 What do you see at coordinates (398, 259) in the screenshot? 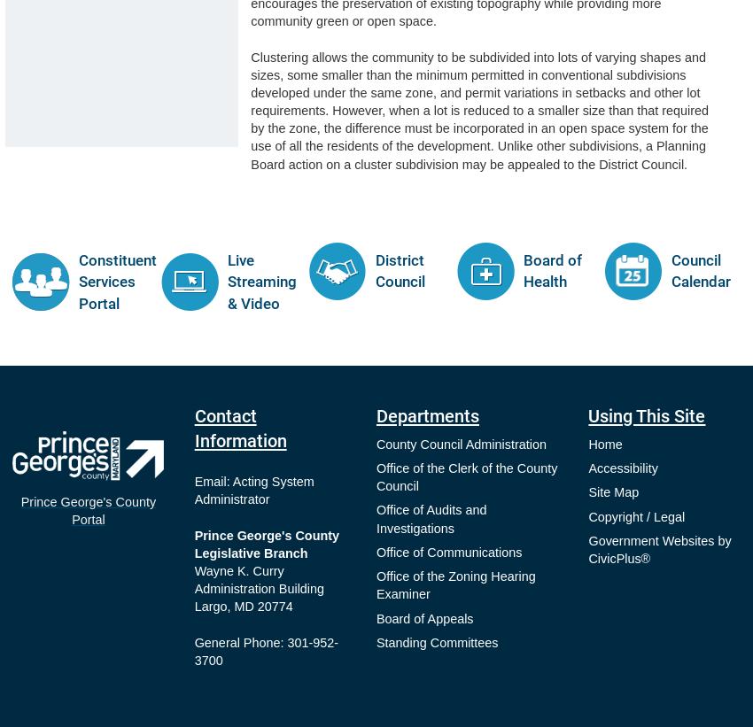
I see `'District'` at bounding box center [398, 259].